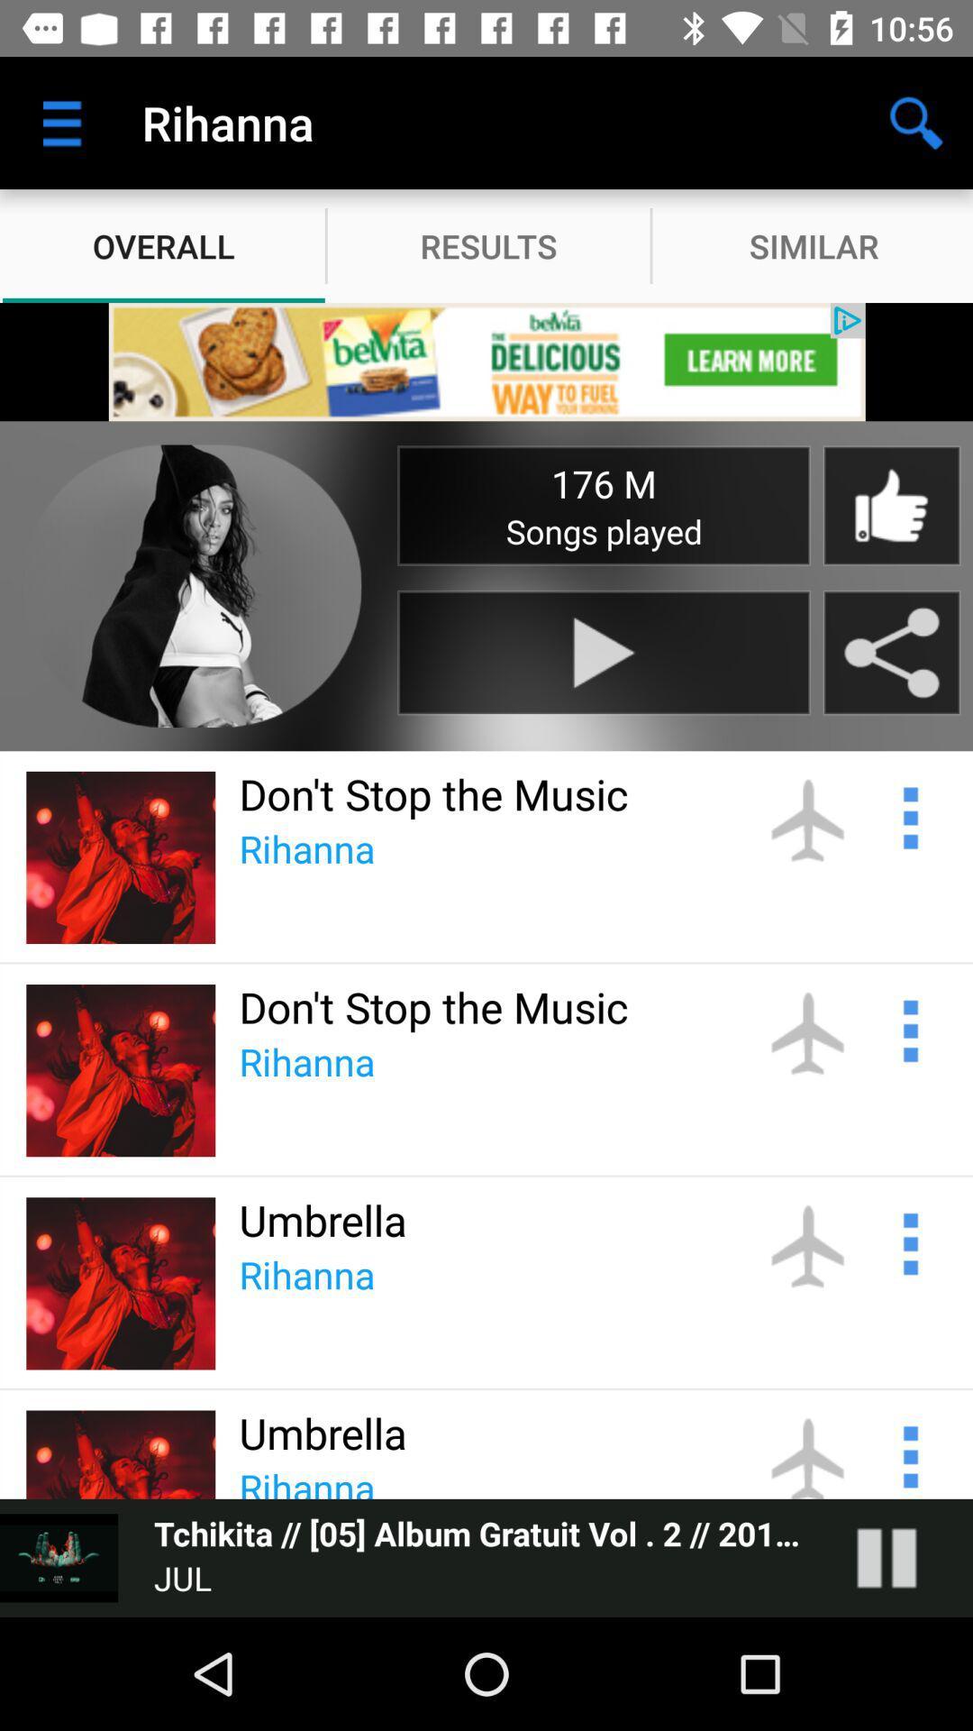 Image resolution: width=973 pixels, height=1731 pixels. Describe the element at coordinates (908, 814) in the screenshot. I see `more info` at that location.